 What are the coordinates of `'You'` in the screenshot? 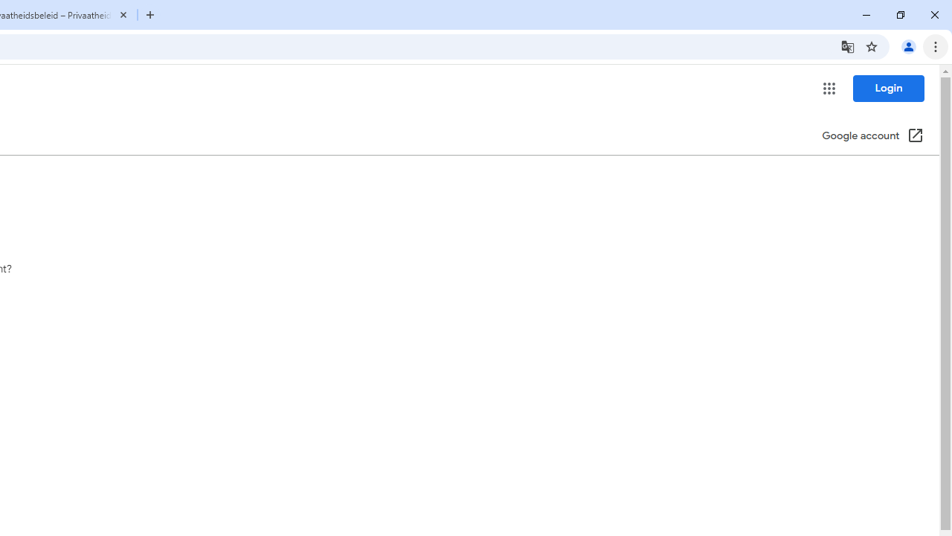 It's located at (907, 45).